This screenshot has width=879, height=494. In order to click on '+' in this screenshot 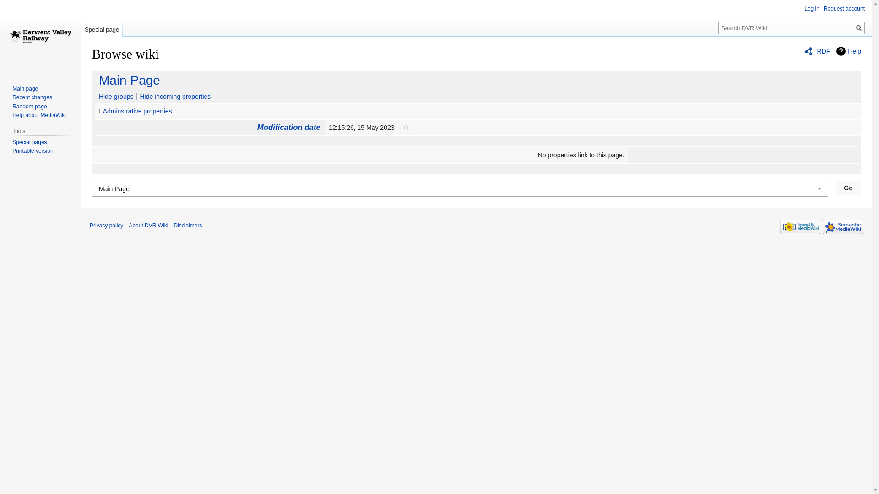, I will do `click(403, 127)`.